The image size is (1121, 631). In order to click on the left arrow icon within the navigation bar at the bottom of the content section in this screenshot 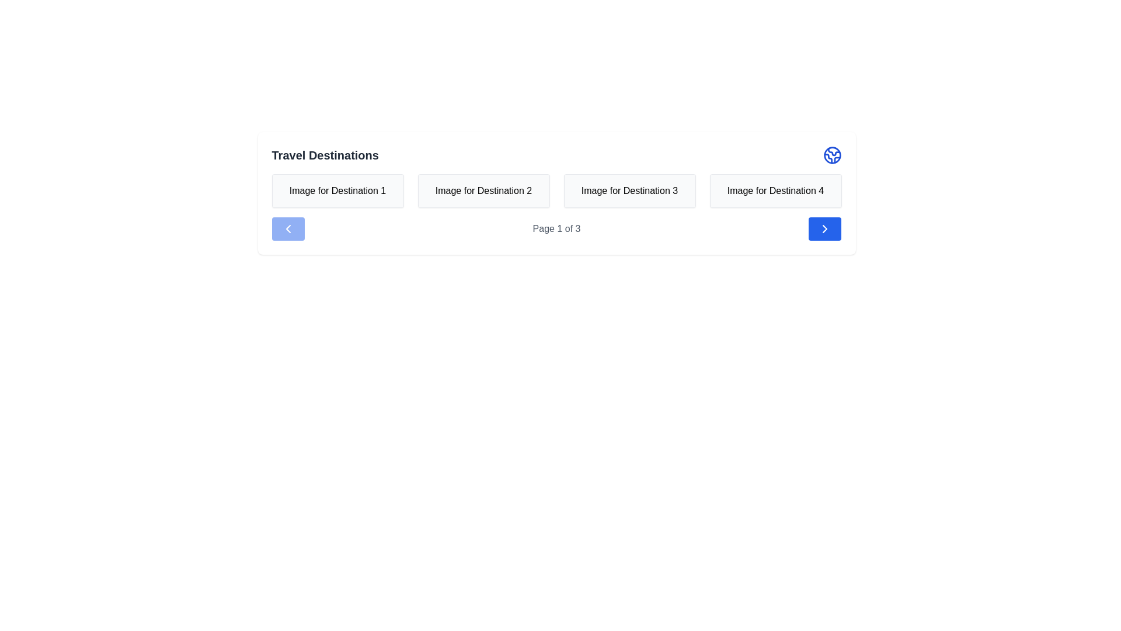, I will do `click(288, 229)`.